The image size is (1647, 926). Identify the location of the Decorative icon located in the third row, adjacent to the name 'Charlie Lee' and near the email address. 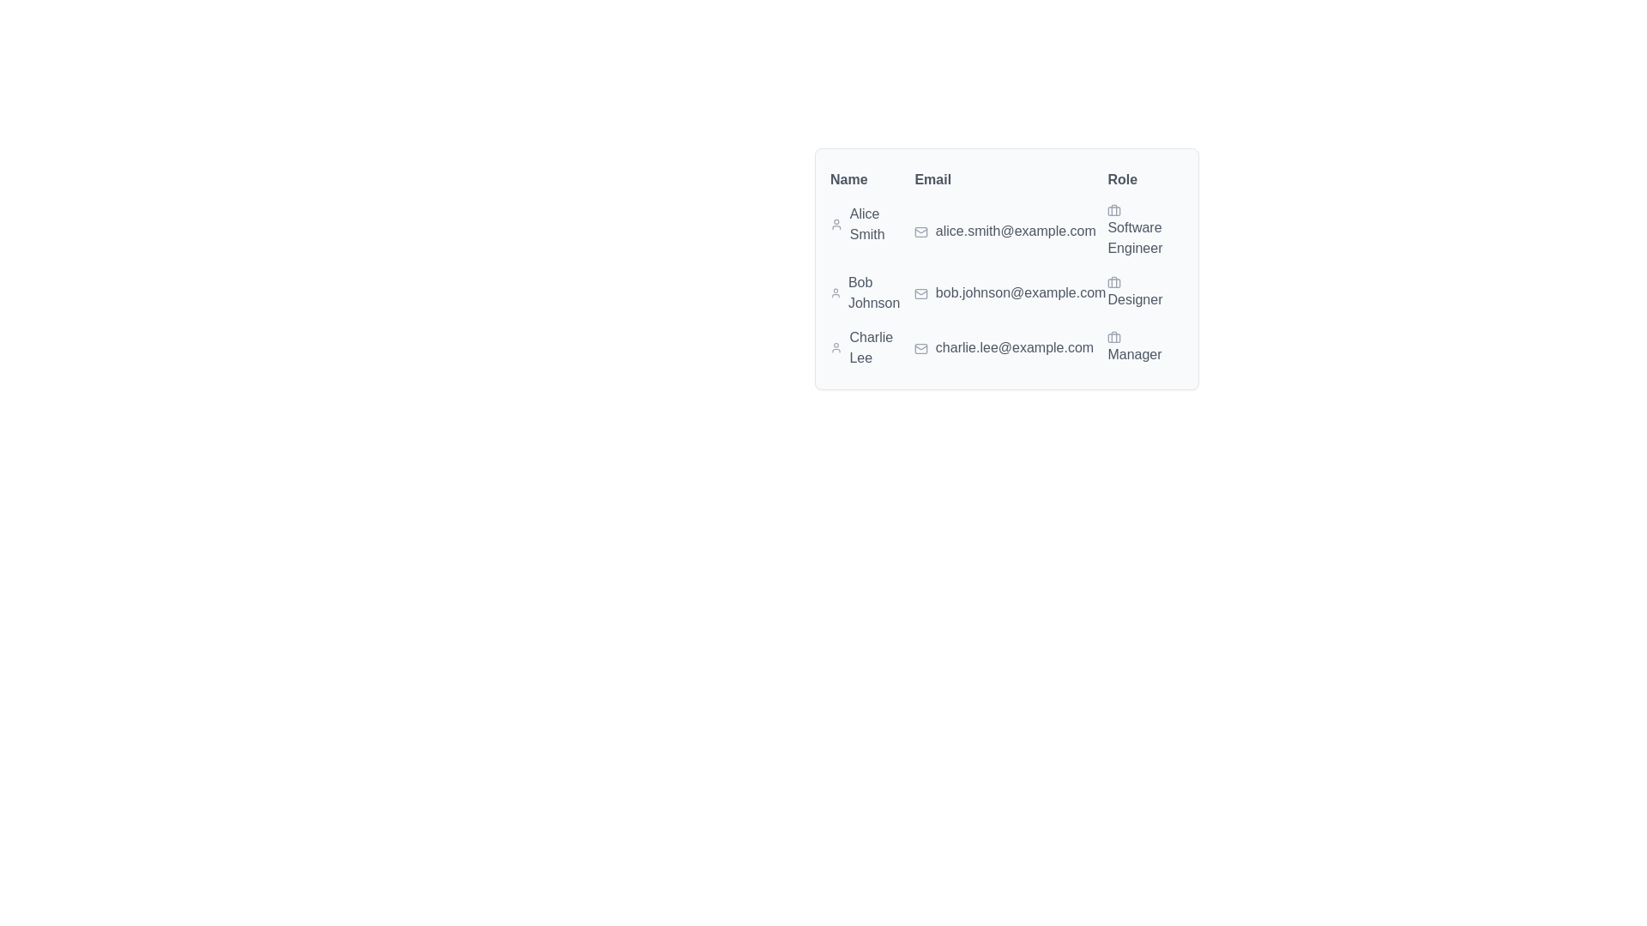
(920, 347).